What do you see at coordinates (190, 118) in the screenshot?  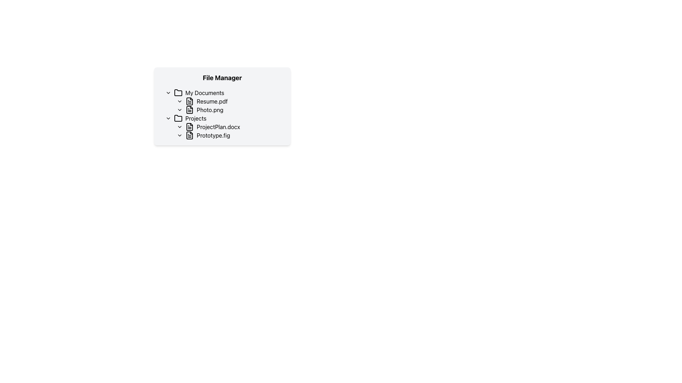 I see `the 'Projects' label with folder icon in the file manager interface` at bounding box center [190, 118].